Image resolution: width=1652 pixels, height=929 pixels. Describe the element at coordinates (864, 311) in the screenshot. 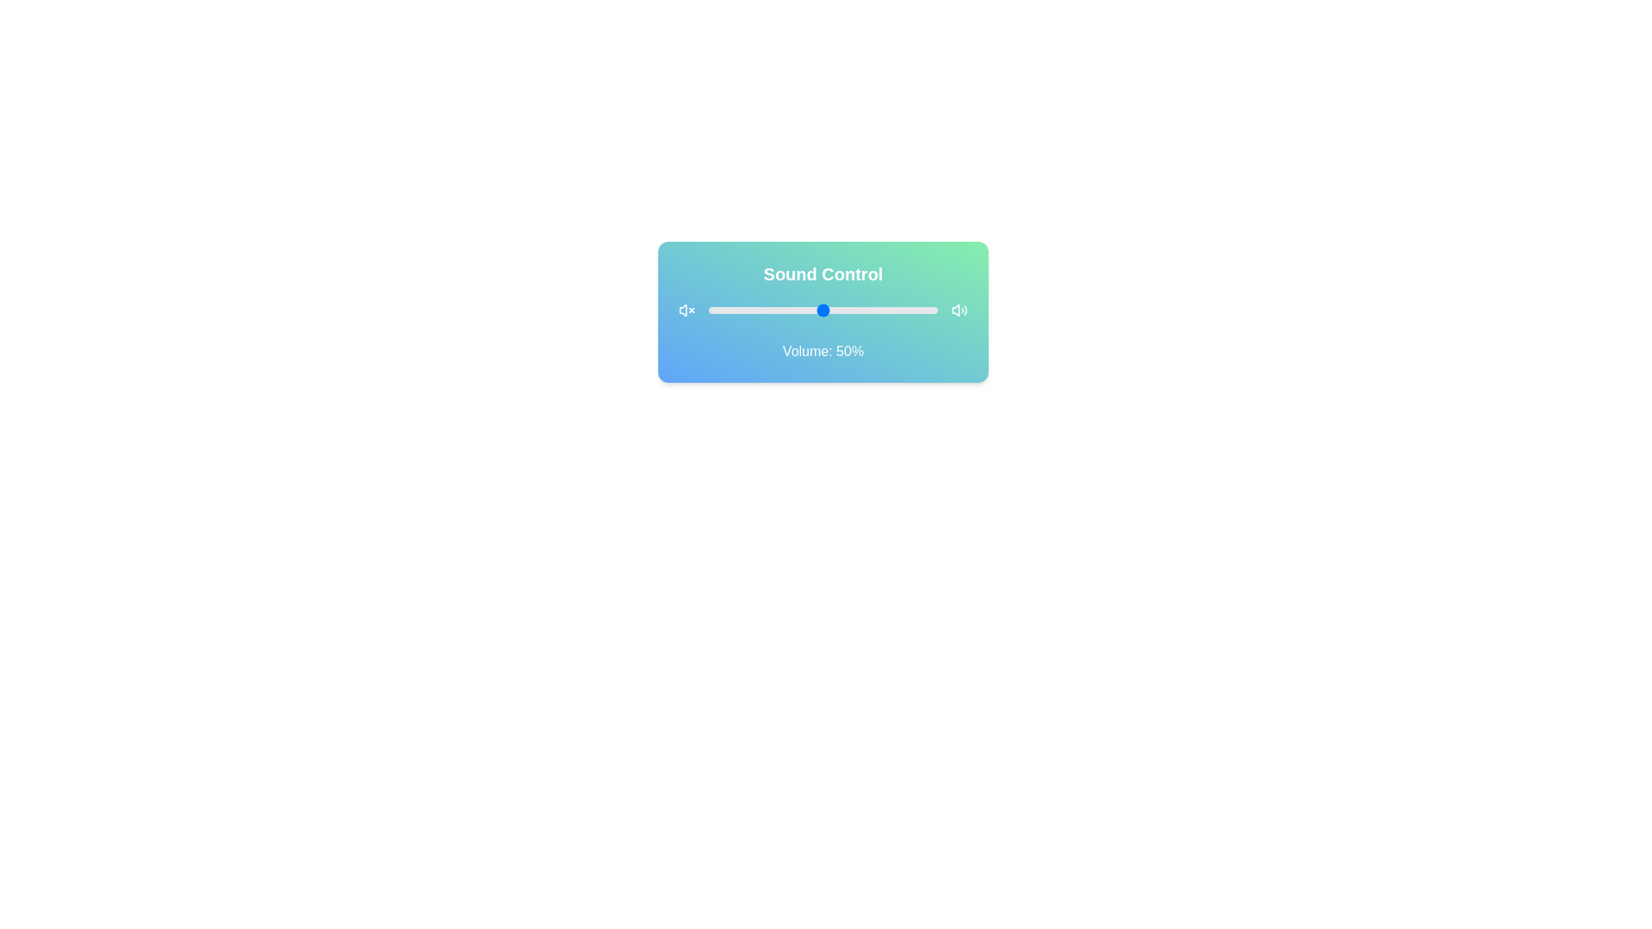

I see `the volume slider` at that location.